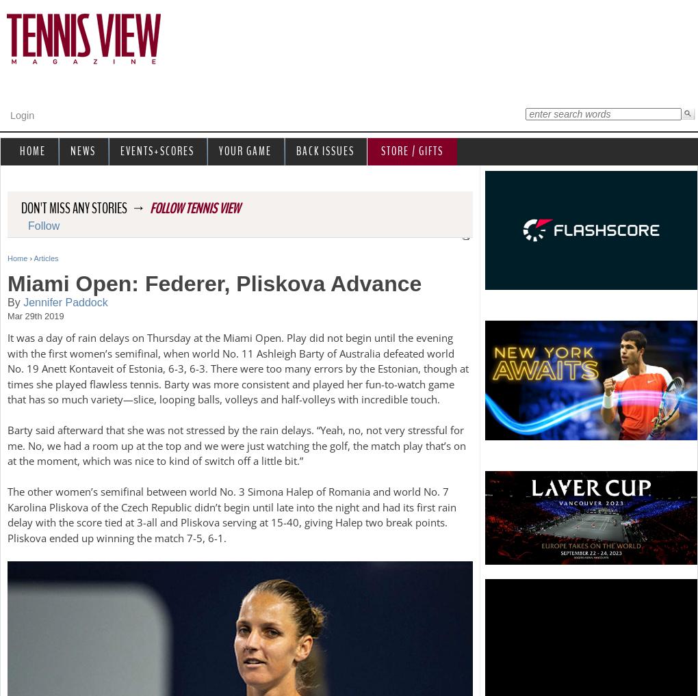  What do you see at coordinates (231, 360) in the screenshot?
I see `'Ashleigh Barty of Australia defeated world No.'` at bounding box center [231, 360].